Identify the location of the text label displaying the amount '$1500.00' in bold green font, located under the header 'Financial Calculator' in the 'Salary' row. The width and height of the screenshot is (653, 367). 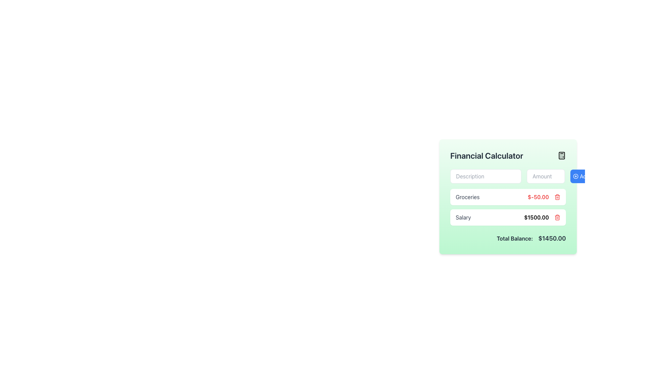
(536, 217).